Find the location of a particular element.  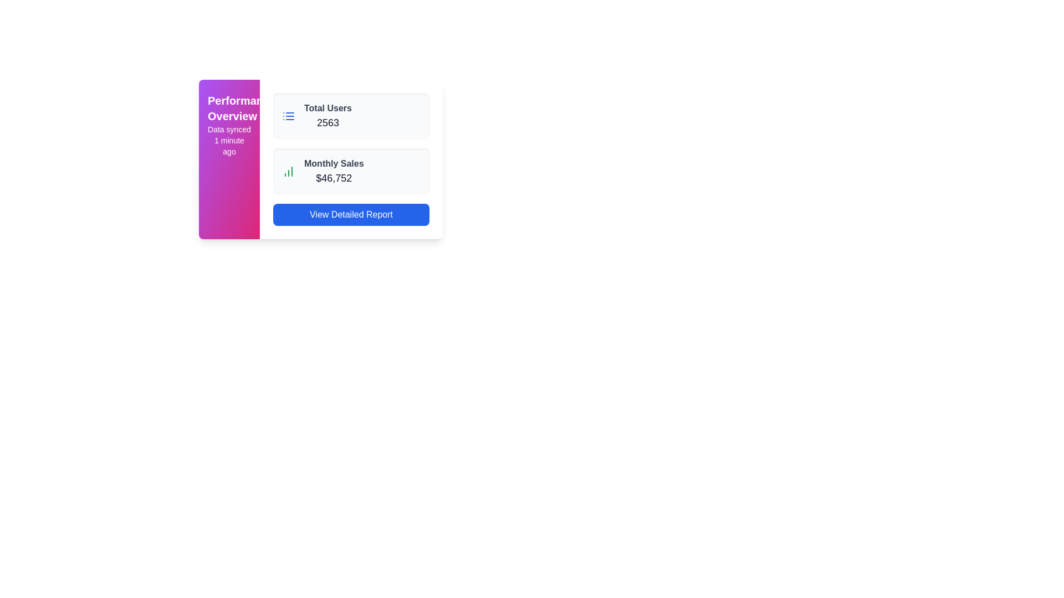

the static informational text block displaying the monetary total of sales, which emphasizes the text '$46,752', located within a card below 'Total Users 2563' and above the 'View Detailed Report' button is located at coordinates (333, 171).